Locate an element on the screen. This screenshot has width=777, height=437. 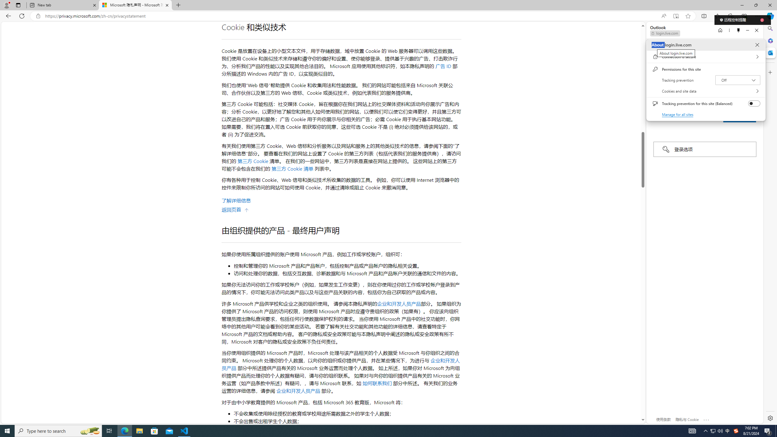
'Cookies and site data' is located at coordinates (705, 91).